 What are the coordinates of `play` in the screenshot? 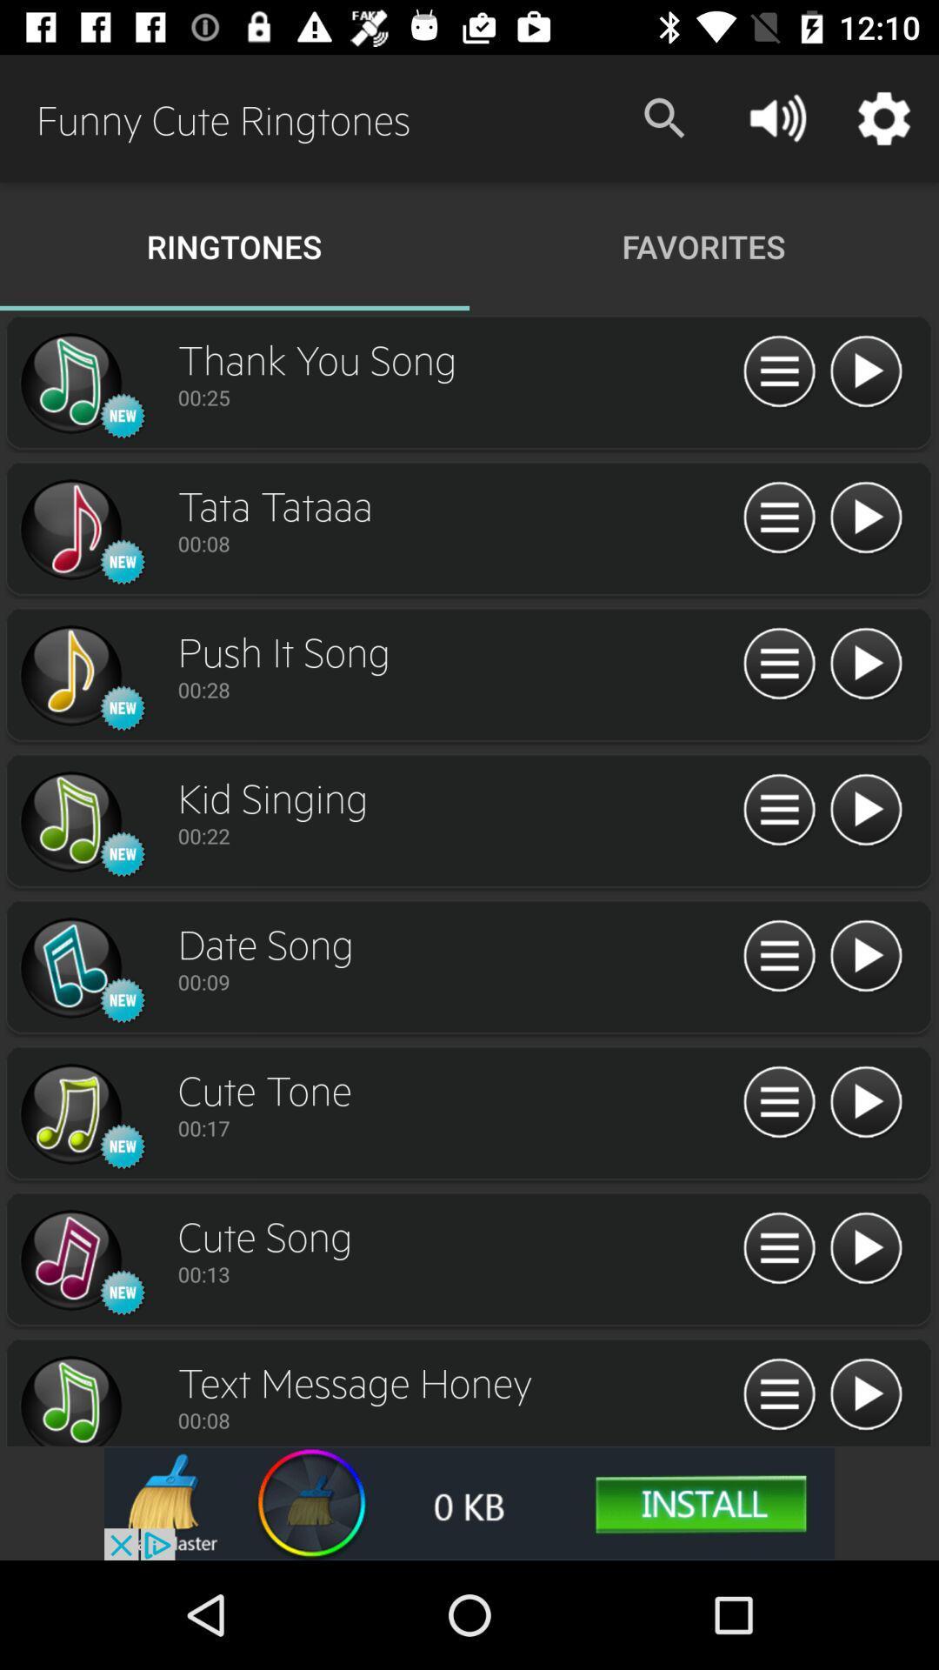 It's located at (865, 371).